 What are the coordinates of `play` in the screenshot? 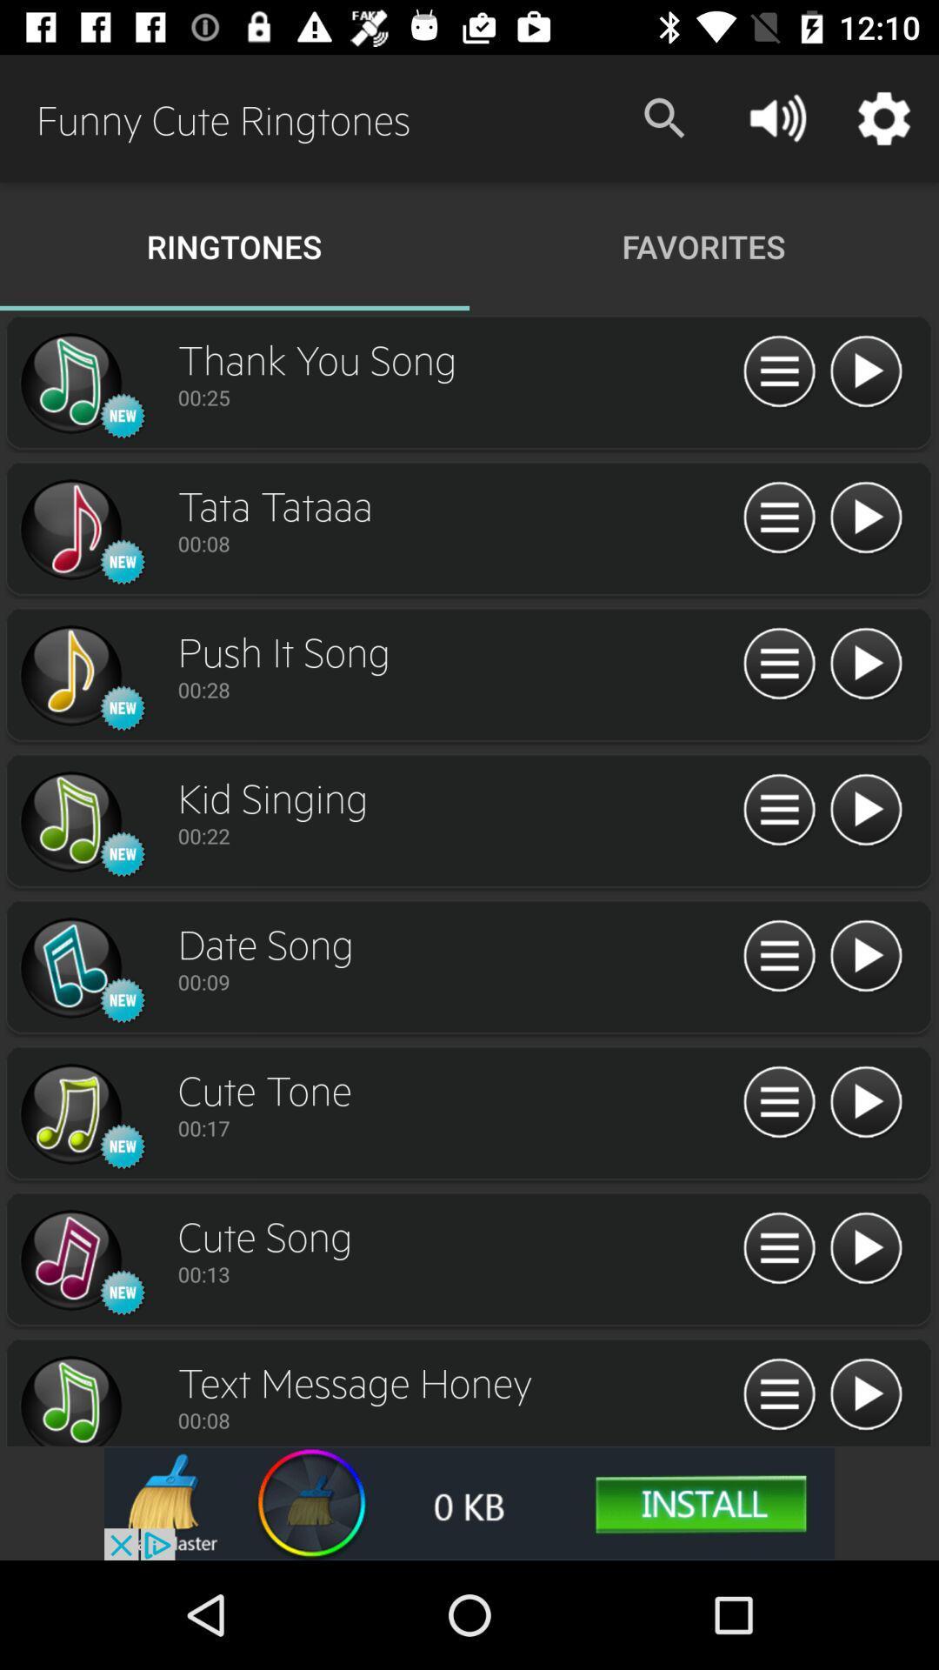 It's located at (865, 371).